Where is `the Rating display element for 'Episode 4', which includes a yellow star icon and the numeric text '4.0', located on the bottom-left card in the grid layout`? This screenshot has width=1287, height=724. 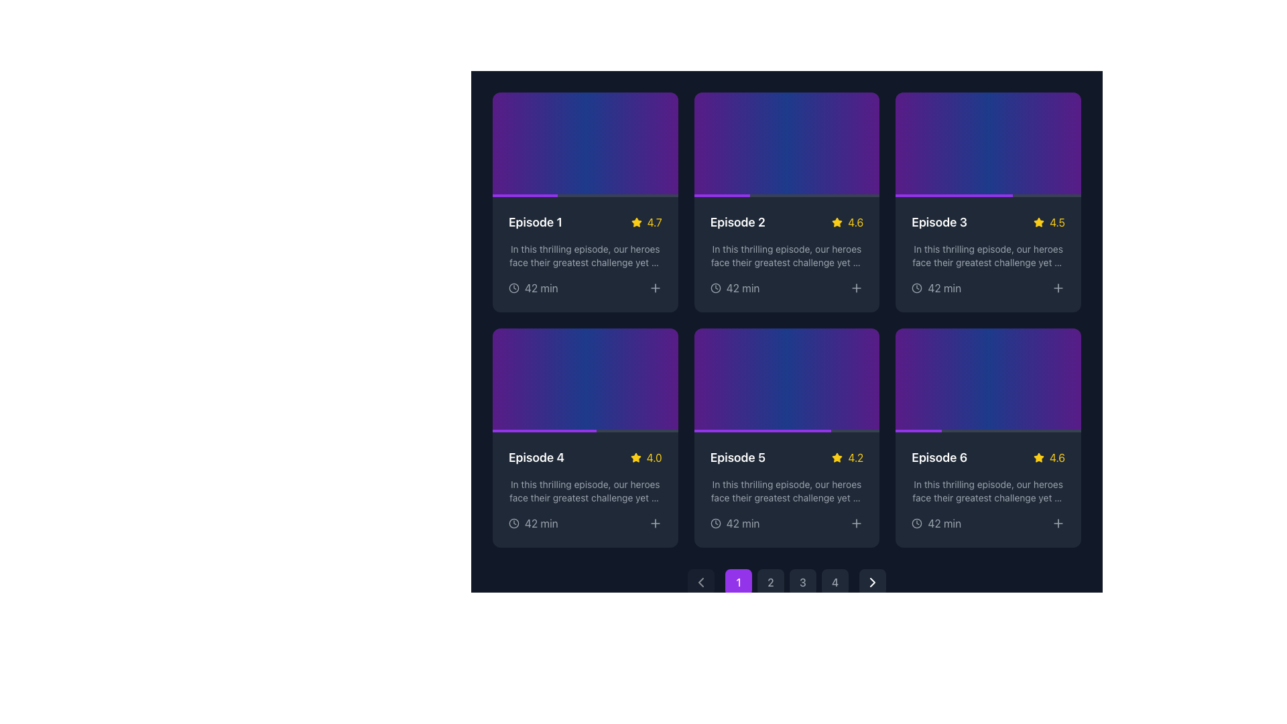
the Rating display element for 'Episode 4', which includes a yellow star icon and the numeric text '4.0', located on the bottom-left card in the grid layout is located at coordinates (646, 457).